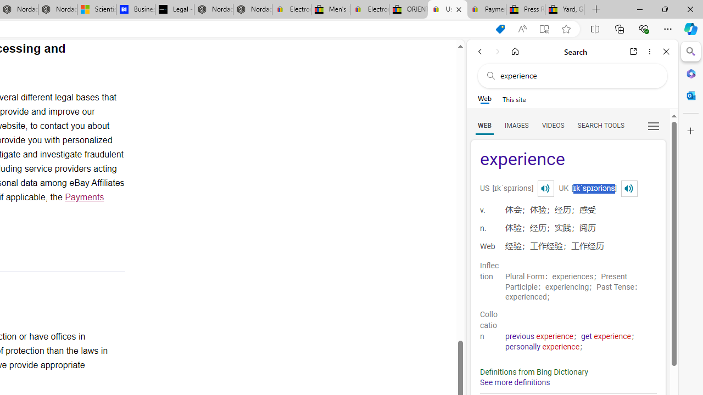 The width and height of the screenshot is (703, 395). What do you see at coordinates (516, 125) in the screenshot?
I see `'Search Filter, IMAGES'` at bounding box center [516, 125].